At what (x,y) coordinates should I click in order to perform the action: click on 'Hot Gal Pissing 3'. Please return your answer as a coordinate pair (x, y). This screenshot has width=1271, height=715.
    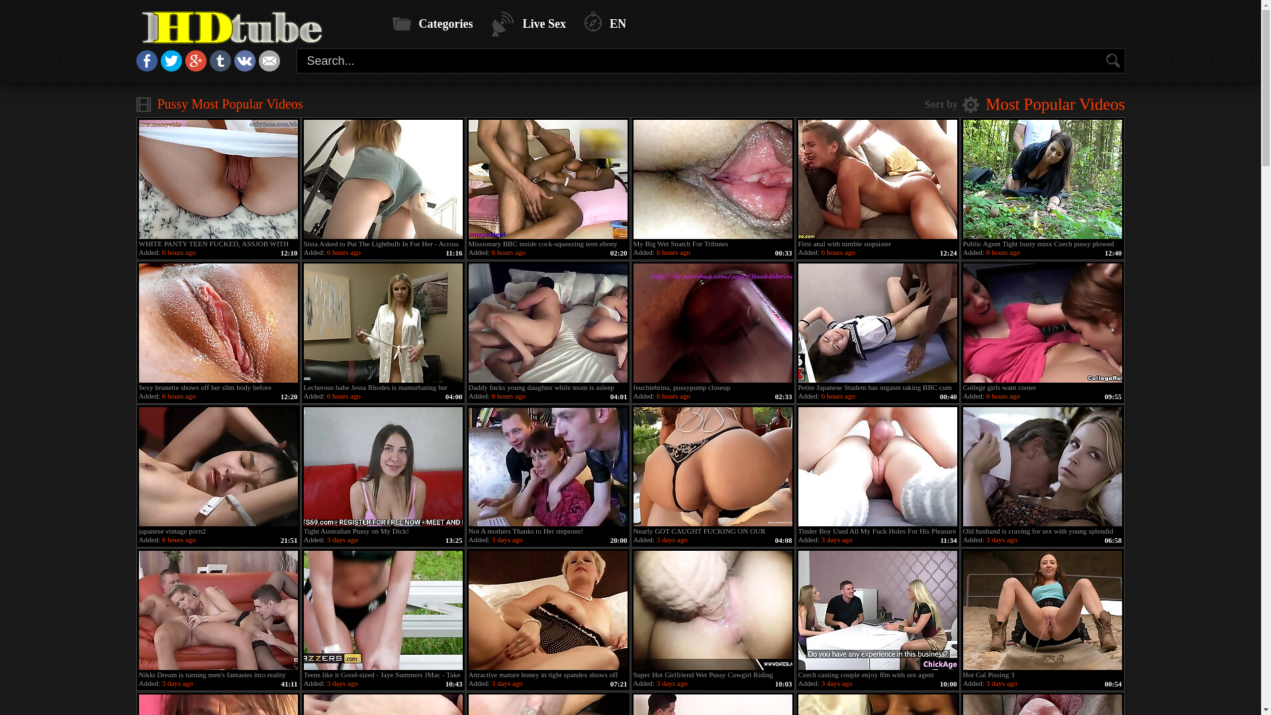
    Looking at the image, I should click on (1041, 610).